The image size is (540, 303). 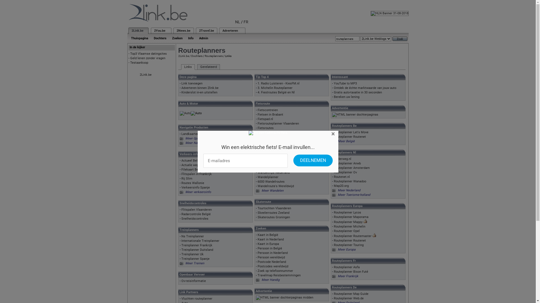 What do you see at coordinates (200, 88) in the screenshot?
I see `'Adverteren binnen 2link.be'` at bounding box center [200, 88].